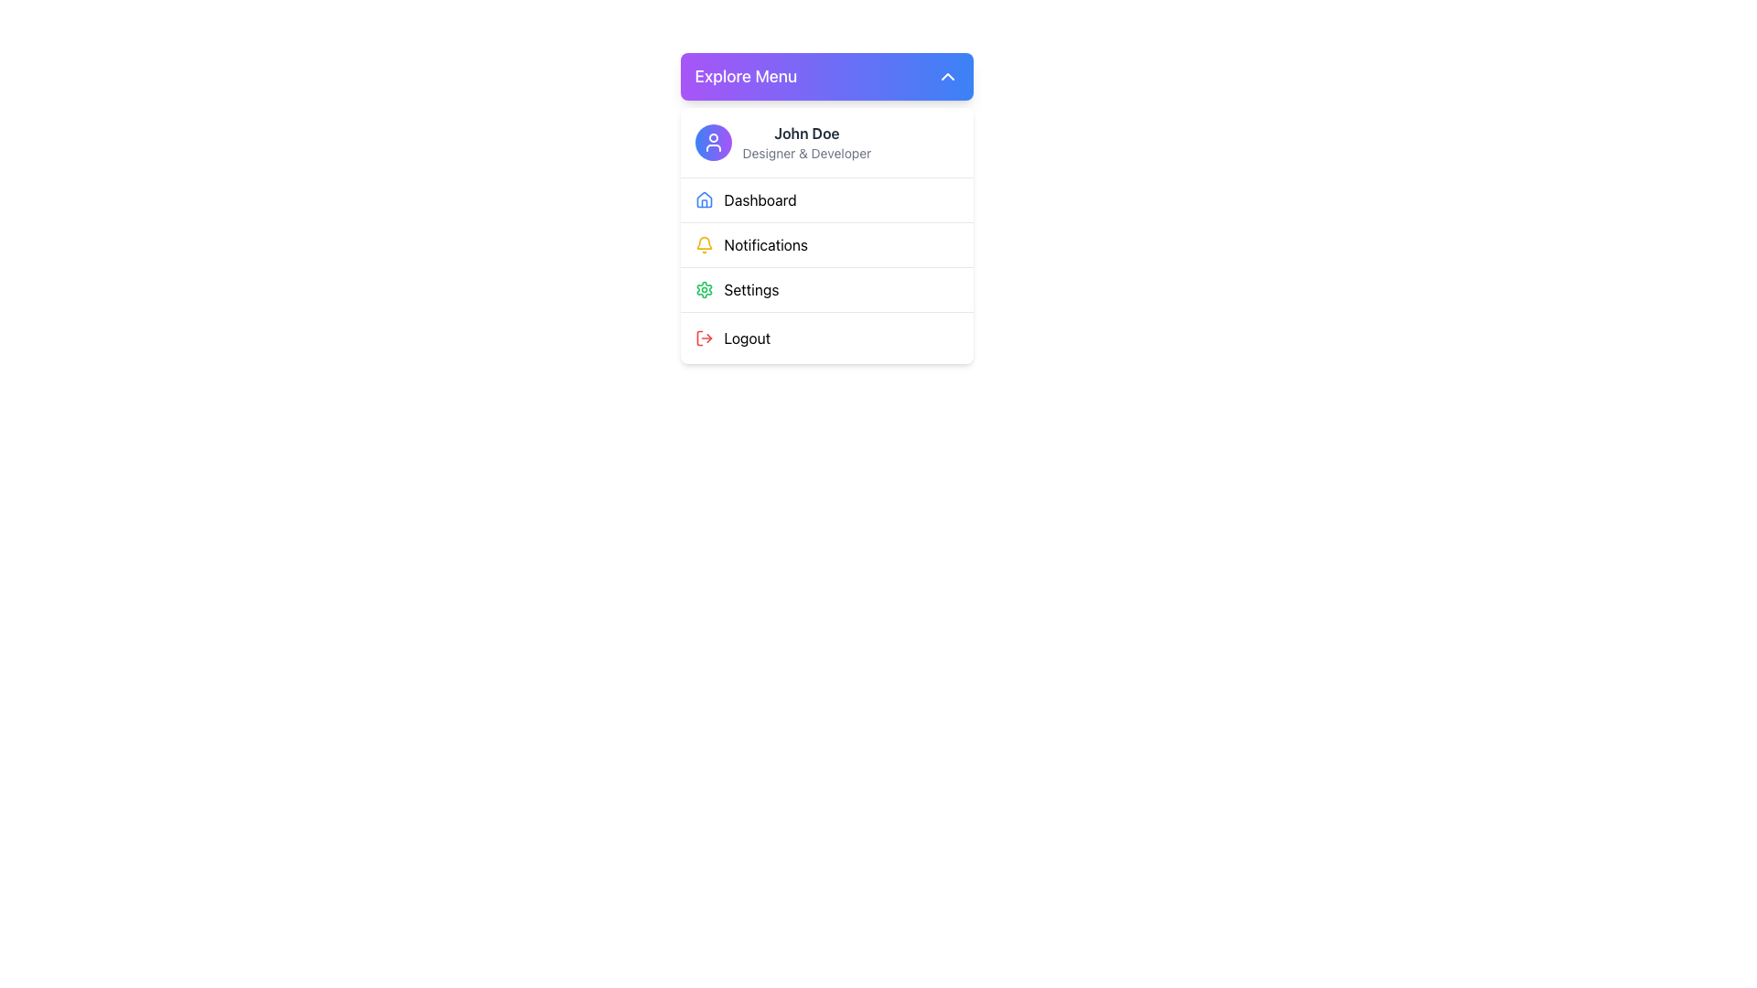 Image resolution: width=1757 pixels, height=988 pixels. I want to click on the second item in the vertical list of the side menu, so click(825, 243).